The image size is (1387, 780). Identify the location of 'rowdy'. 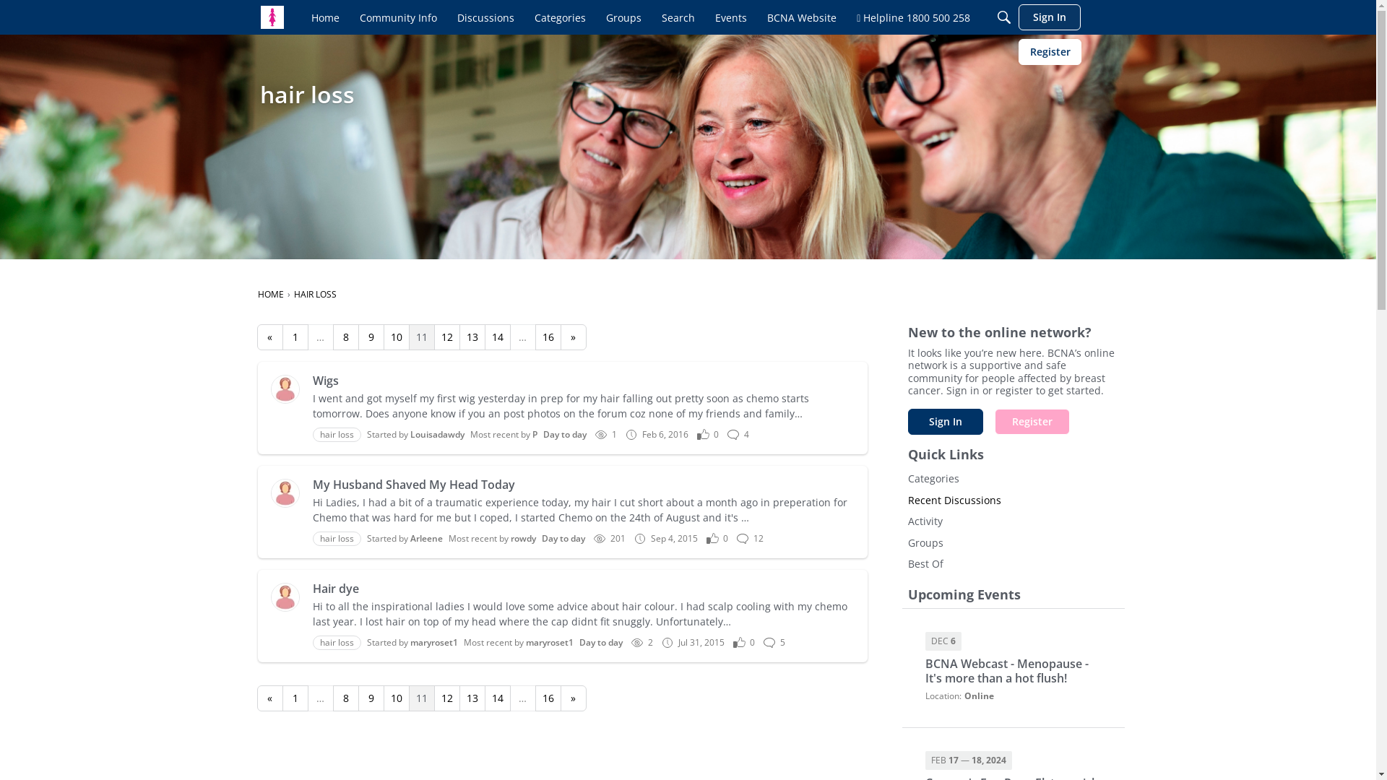
(522, 538).